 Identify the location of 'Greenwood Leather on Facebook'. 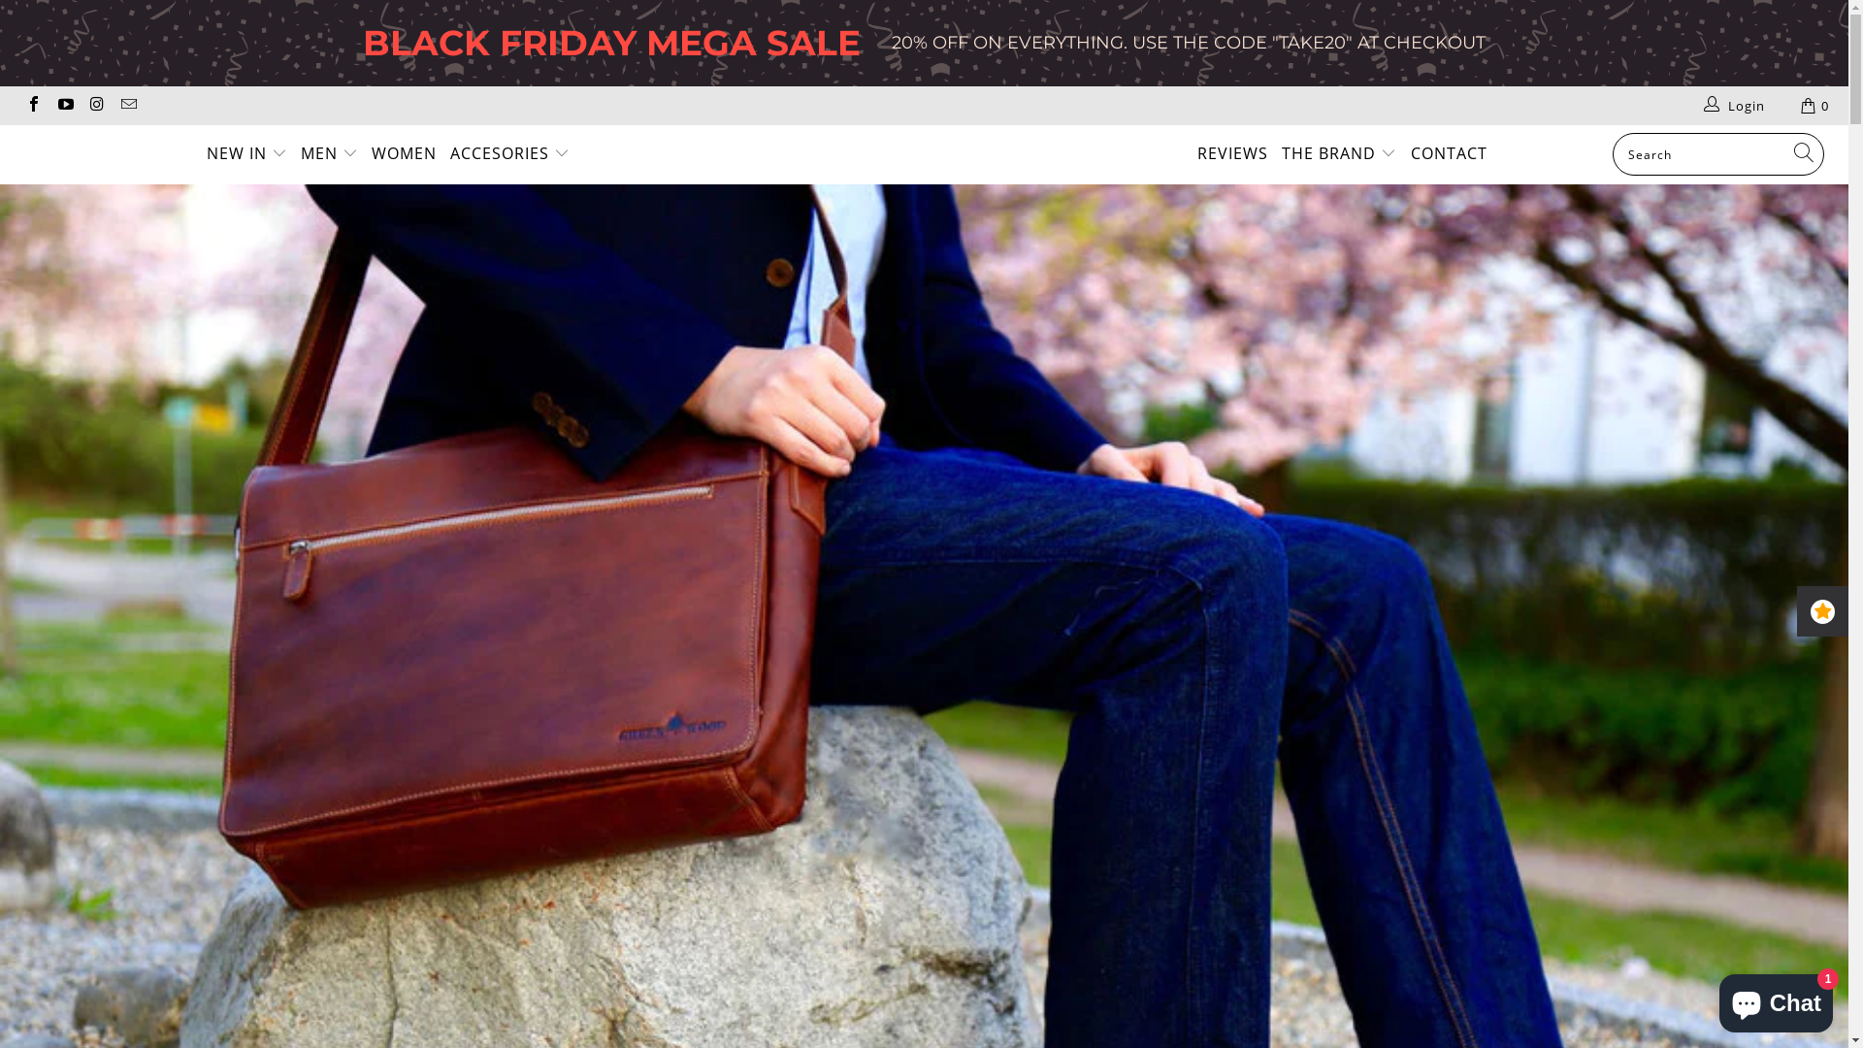
(32, 105).